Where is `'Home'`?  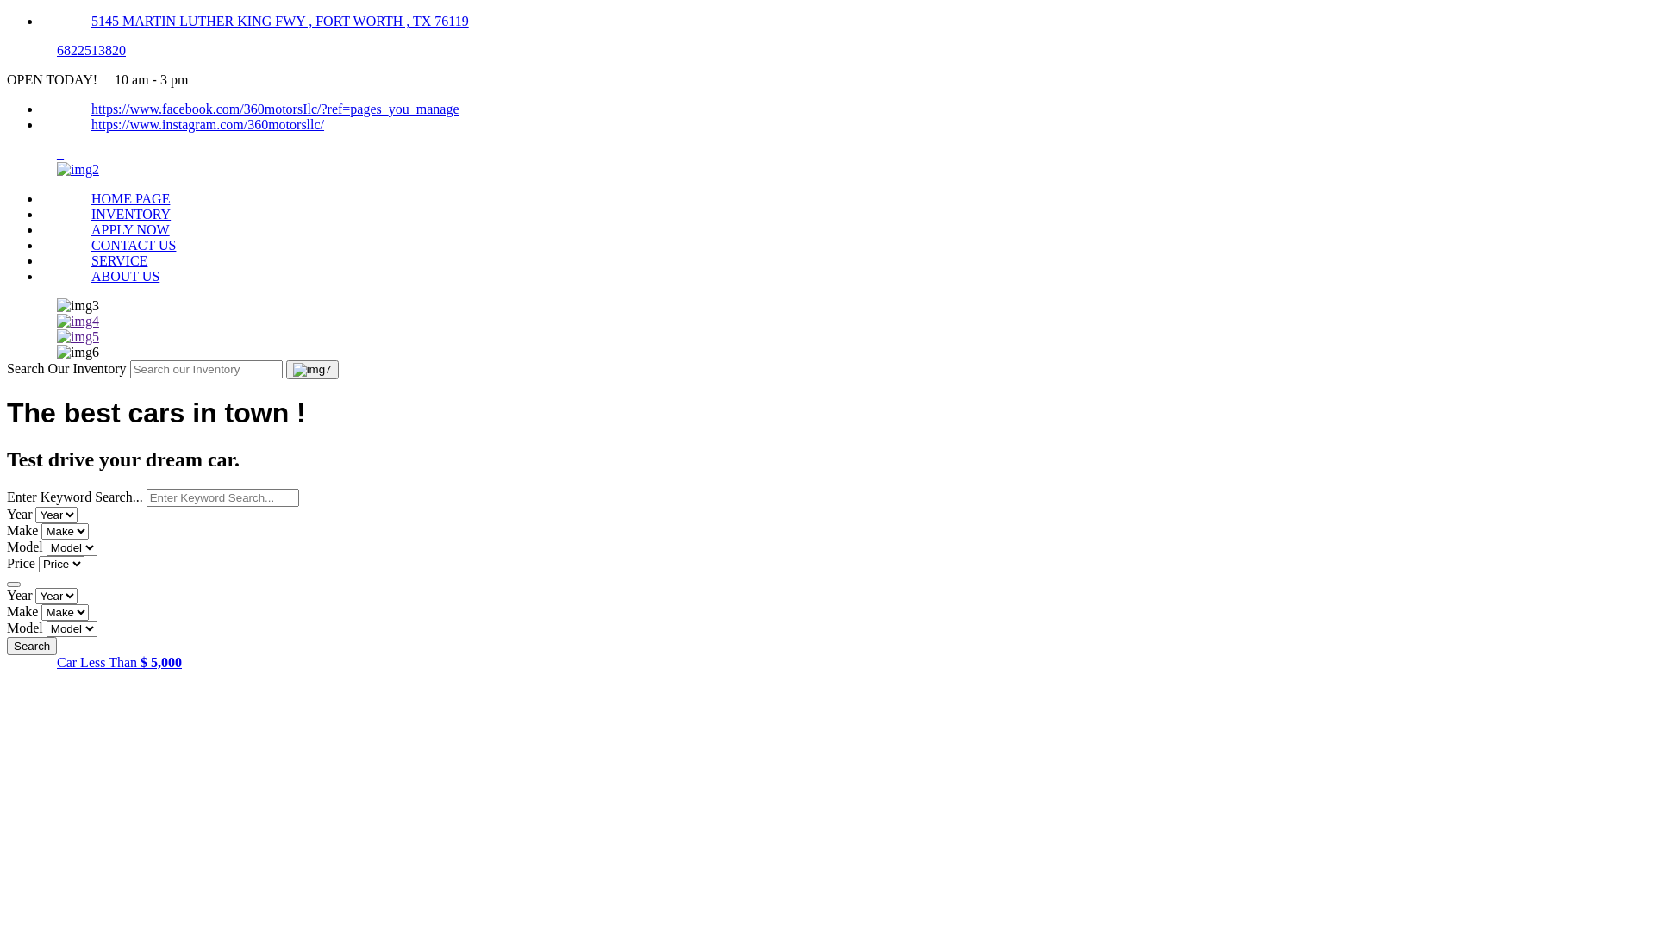
'Home' is located at coordinates (77, 169).